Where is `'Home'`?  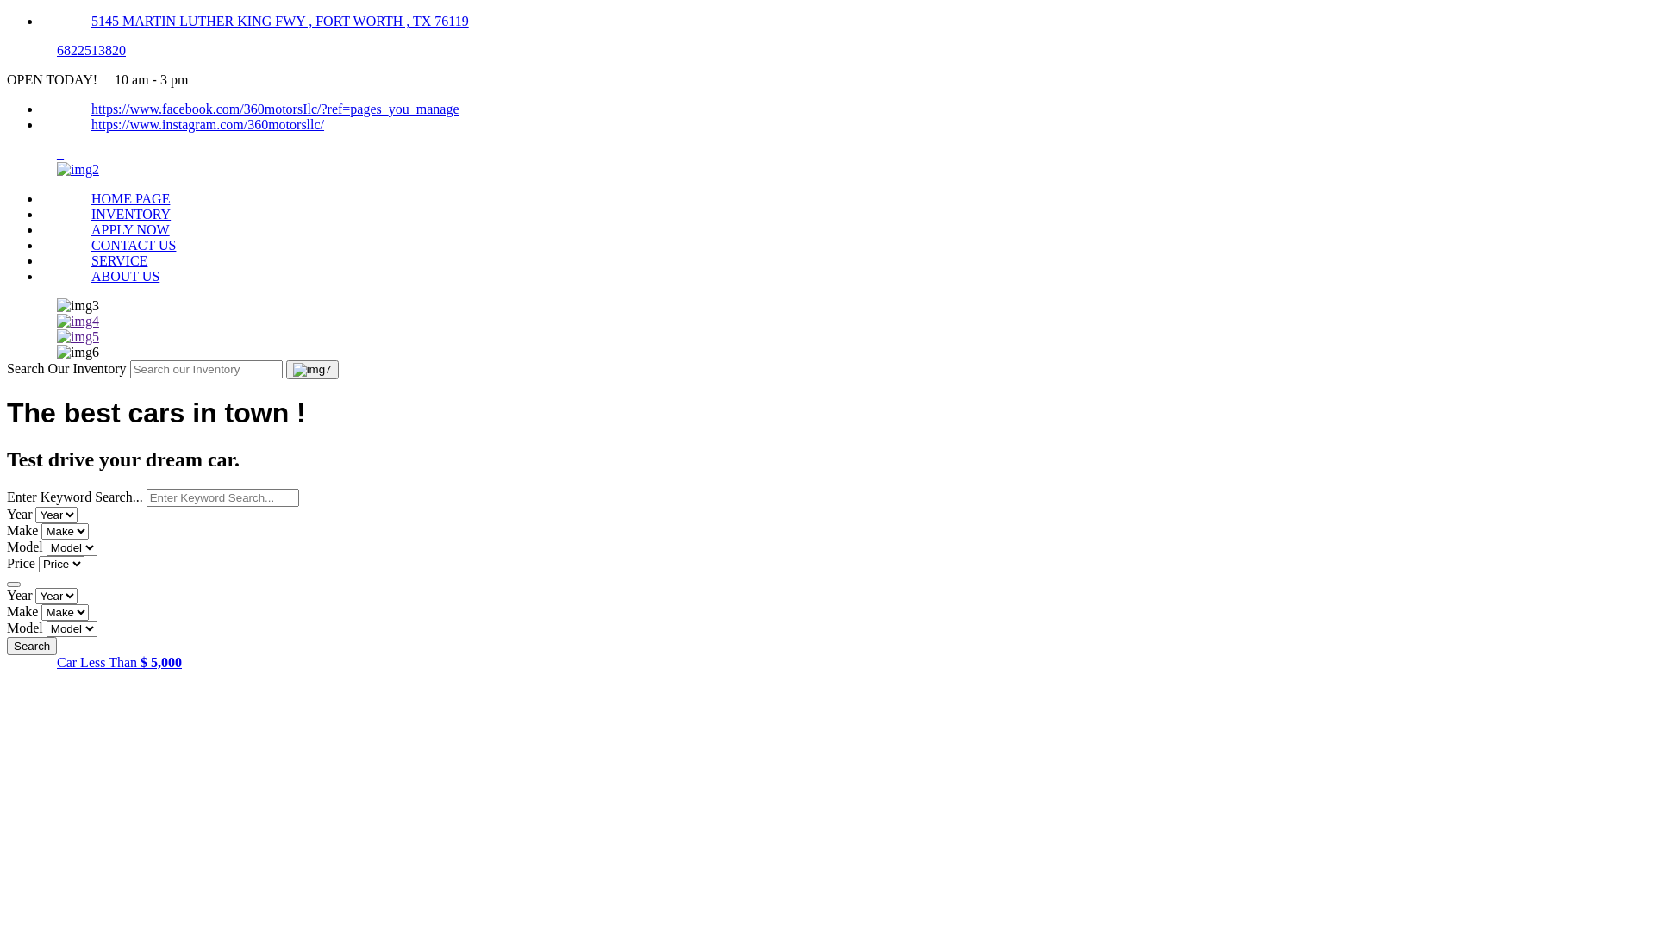
'Home' is located at coordinates (77, 169).